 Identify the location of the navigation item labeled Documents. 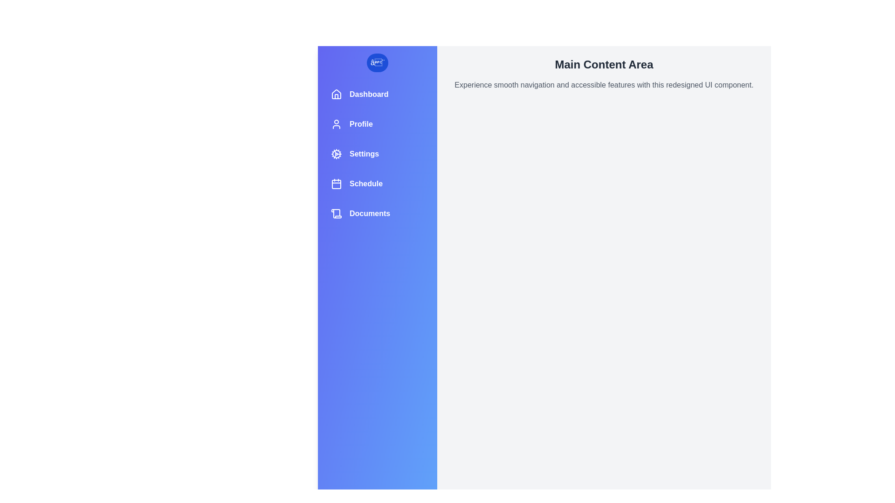
(378, 214).